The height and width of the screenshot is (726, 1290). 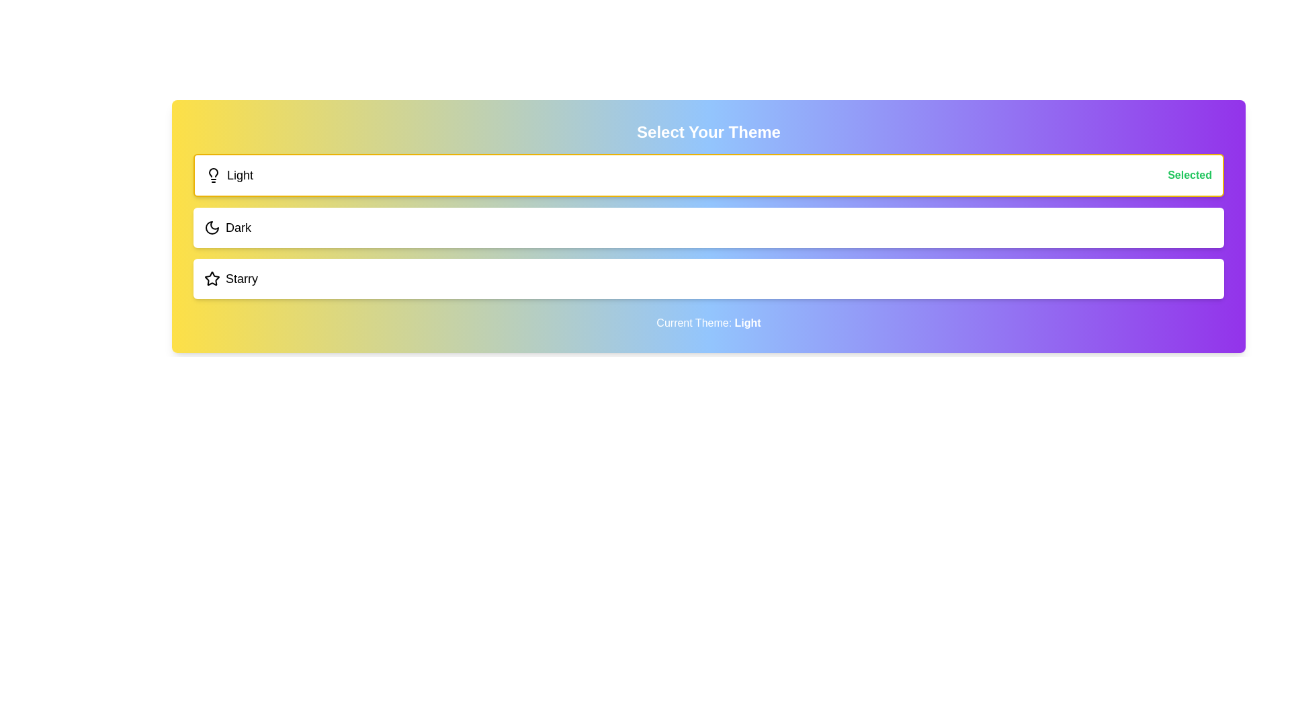 What do you see at coordinates (708, 278) in the screenshot?
I see `the theme option Starry to observe the visual change` at bounding box center [708, 278].